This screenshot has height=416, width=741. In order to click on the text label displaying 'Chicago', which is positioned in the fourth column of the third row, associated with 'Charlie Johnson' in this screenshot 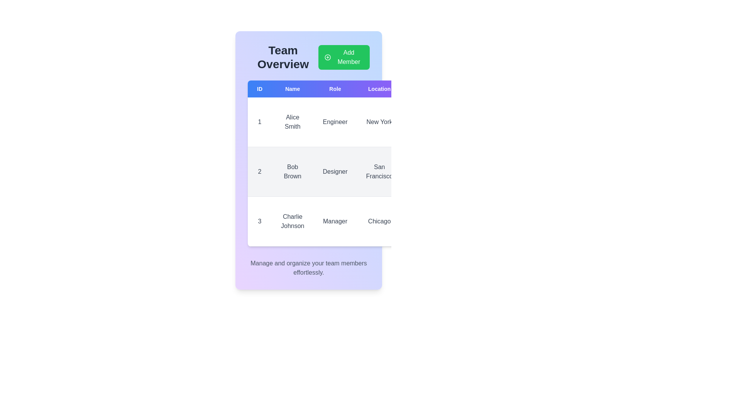, I will do `click(379, 221)`.